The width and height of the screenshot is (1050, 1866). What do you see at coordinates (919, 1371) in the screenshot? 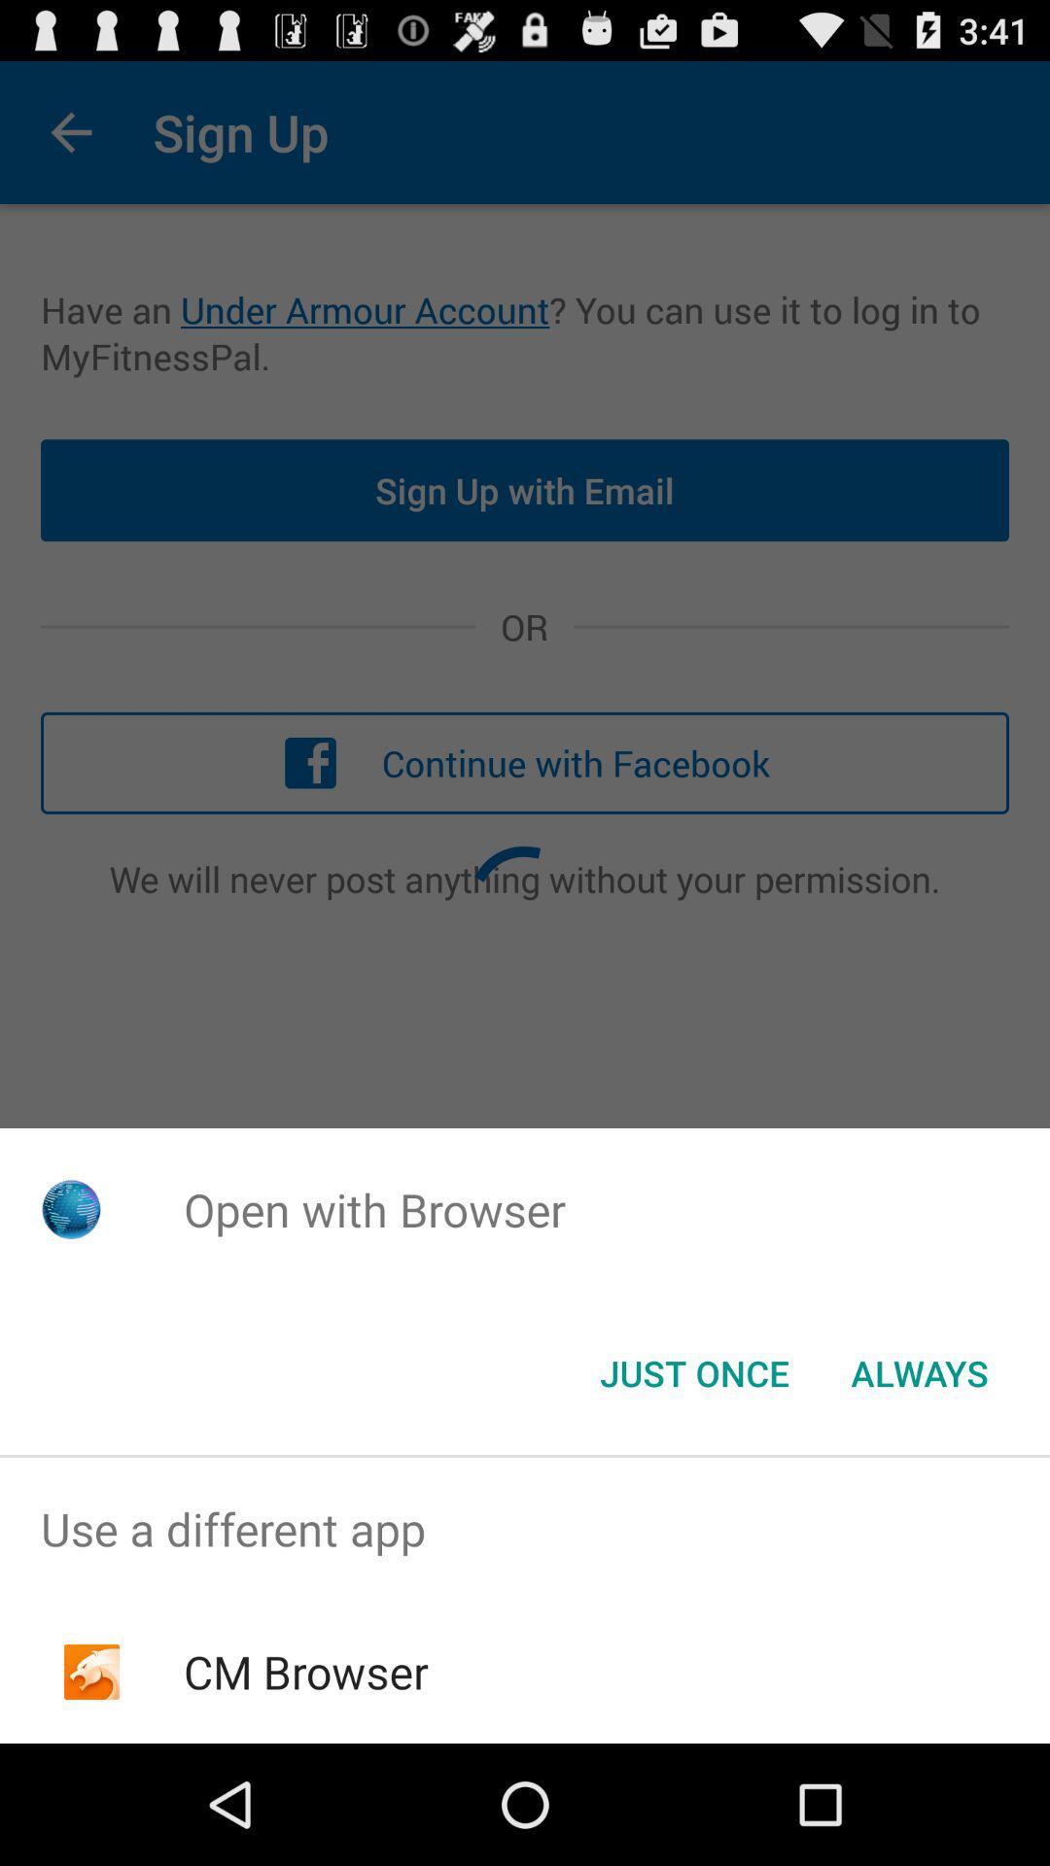
I see `app below the open with browser item` at bounding box center [919, 1371].